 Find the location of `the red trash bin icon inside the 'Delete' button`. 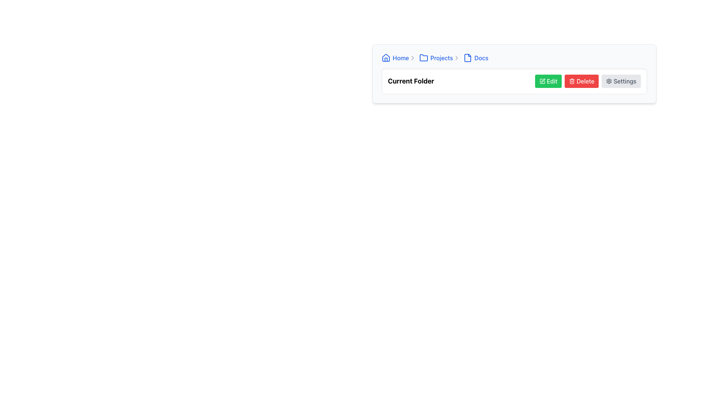

the red trash bin icon inside the 'Delete' button is located at coordinates (572, 81).